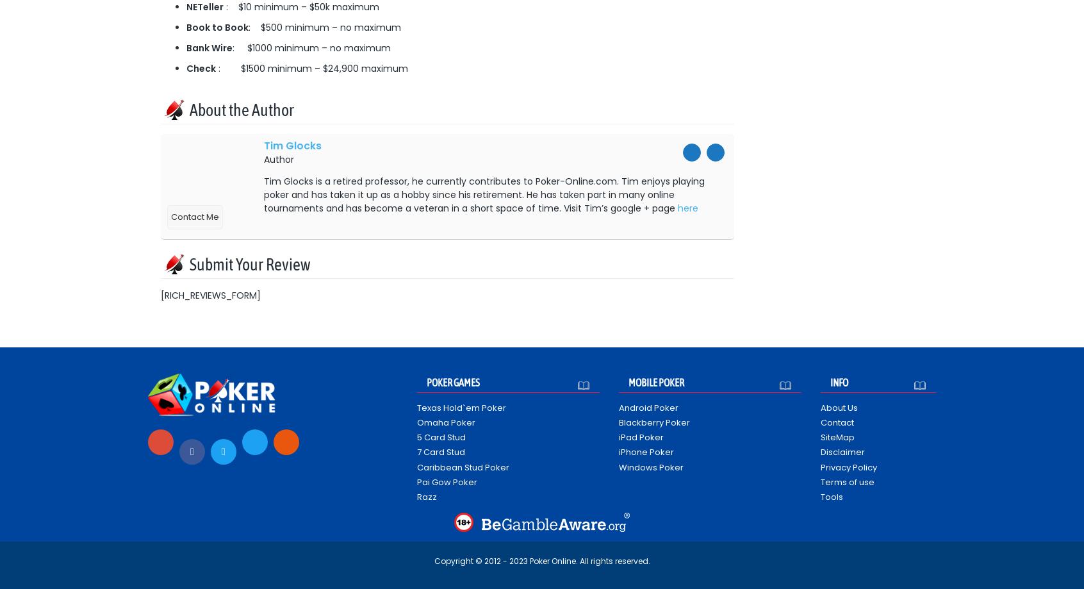  What do you see at coordinates (820, 466) in the screenshot?
I see `'Privacy Policy'` at bounding box center [820, 466].